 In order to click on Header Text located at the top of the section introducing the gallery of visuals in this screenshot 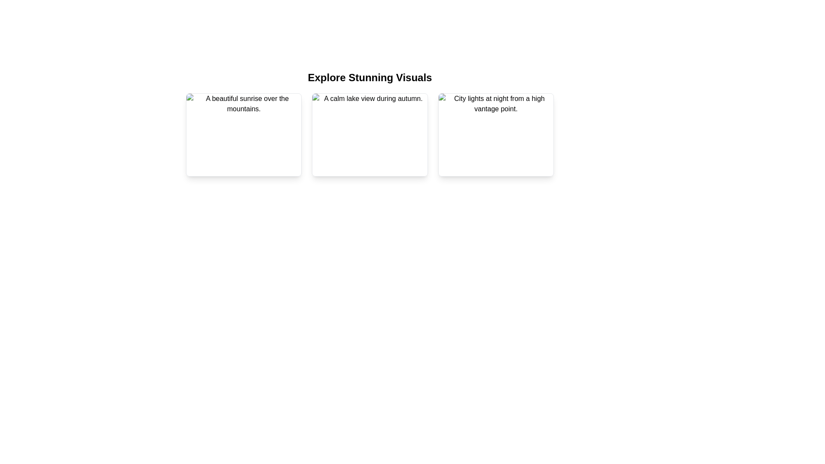, I will do `click(370, 78)`.